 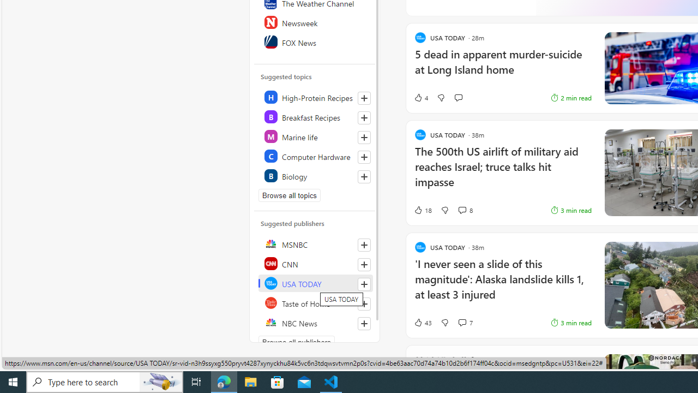 I want to click on 'Browse all publishers', so click(x=297, y=342).